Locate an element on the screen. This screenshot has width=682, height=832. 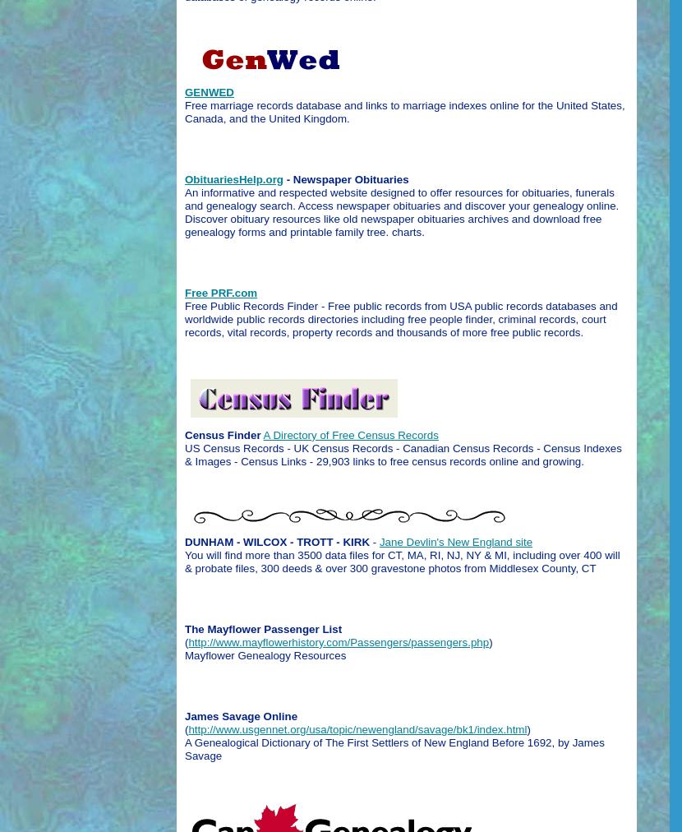
'GENWED' is located at coordinates (209, 90).